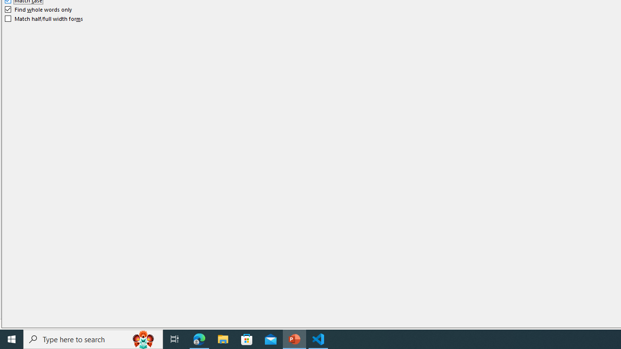  I want to click on 'Find whole words only', so click(39, 10).